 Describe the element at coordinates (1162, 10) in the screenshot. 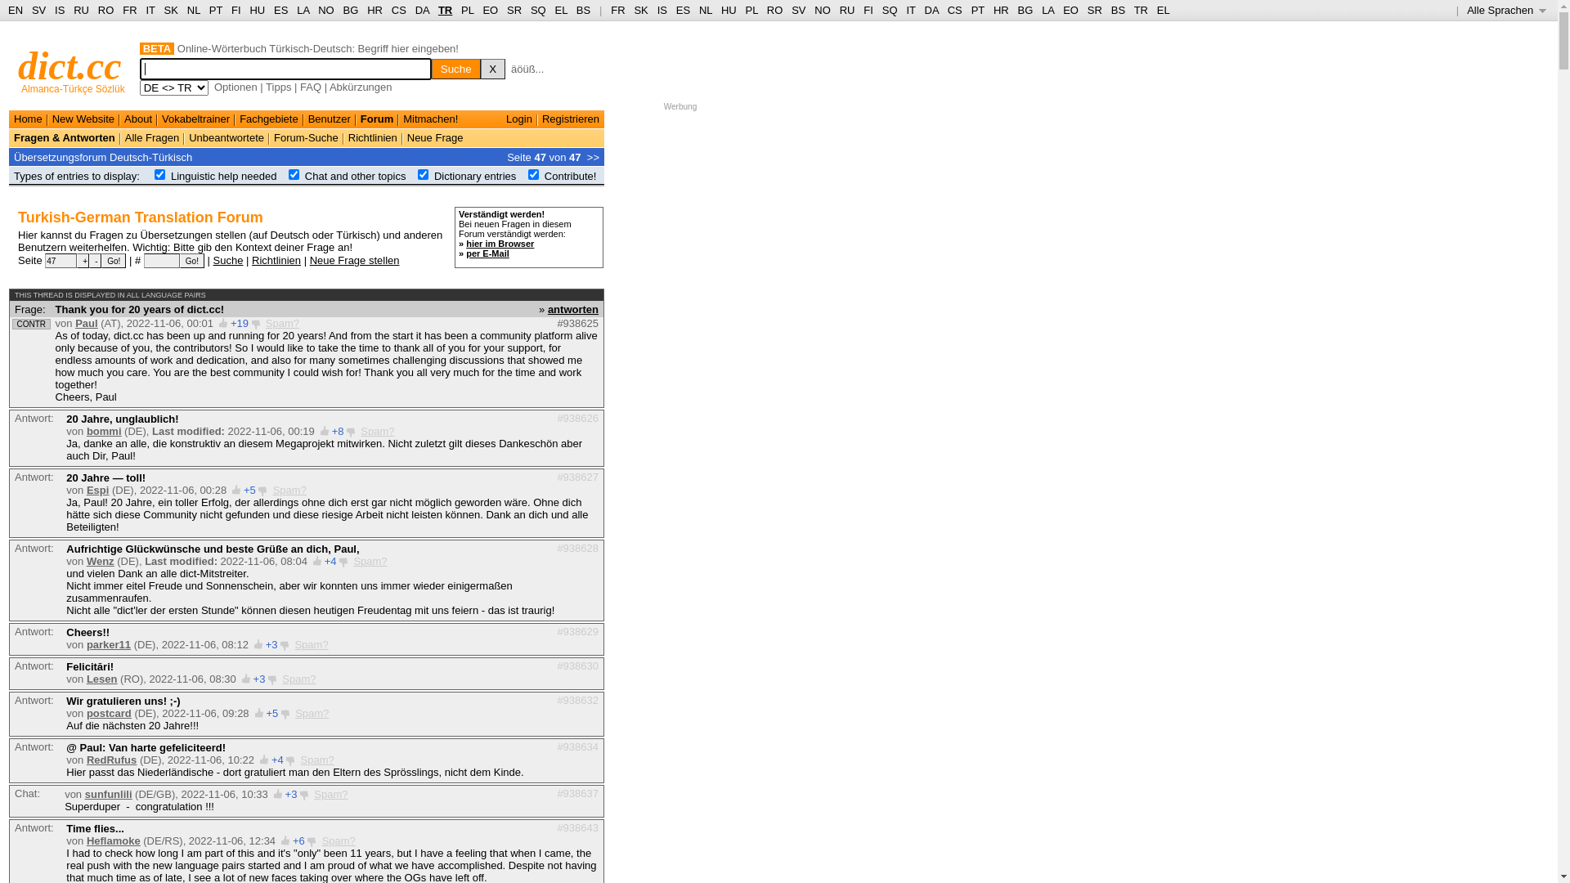

I see `'EL'` at that location.